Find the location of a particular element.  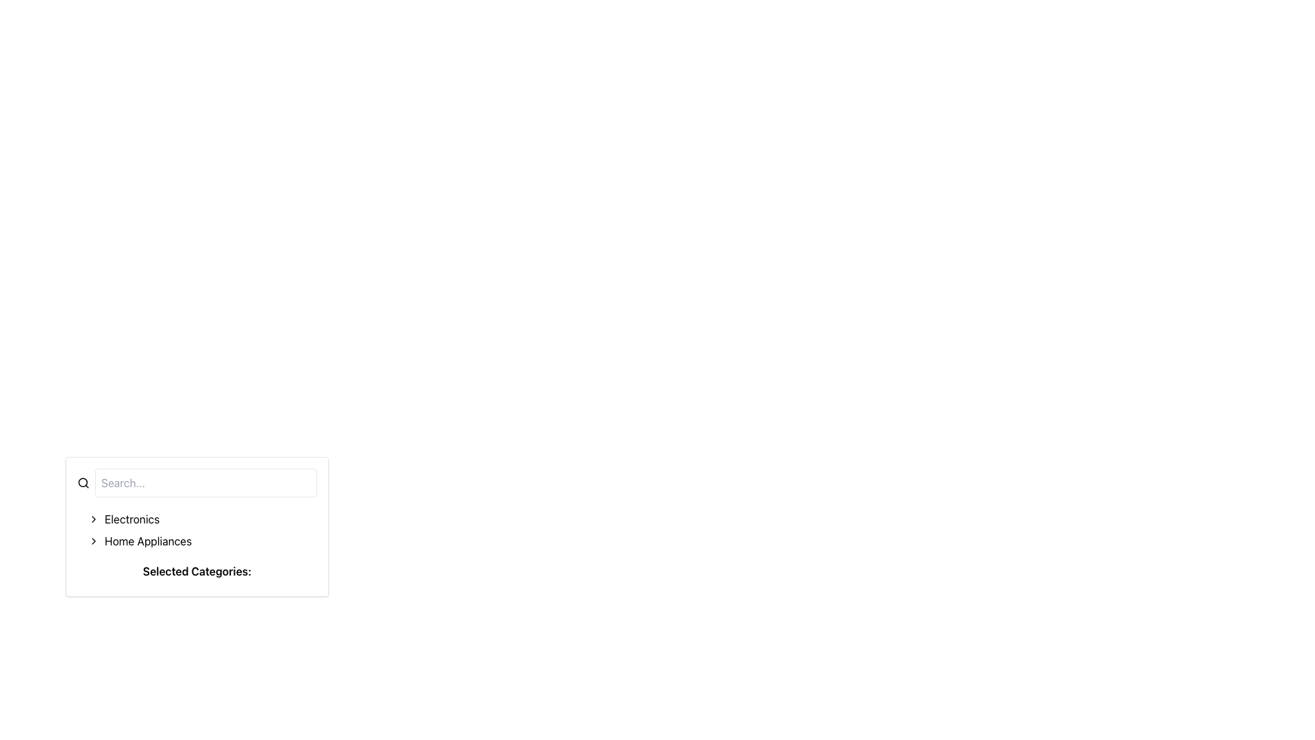

the search icon represented by a magnifying glass graphic, which is located to the left of the text input field in the search interface is located at coordinates (82, 482).